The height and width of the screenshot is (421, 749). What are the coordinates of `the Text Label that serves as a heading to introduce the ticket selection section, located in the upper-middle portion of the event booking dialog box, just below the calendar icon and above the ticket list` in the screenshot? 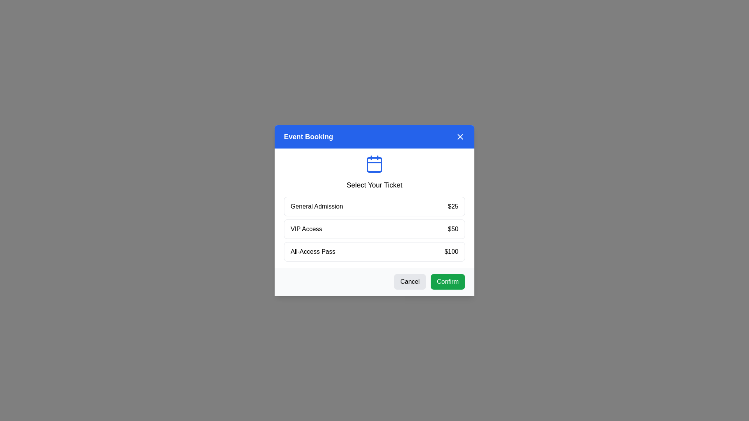 It's located at (374, 185).